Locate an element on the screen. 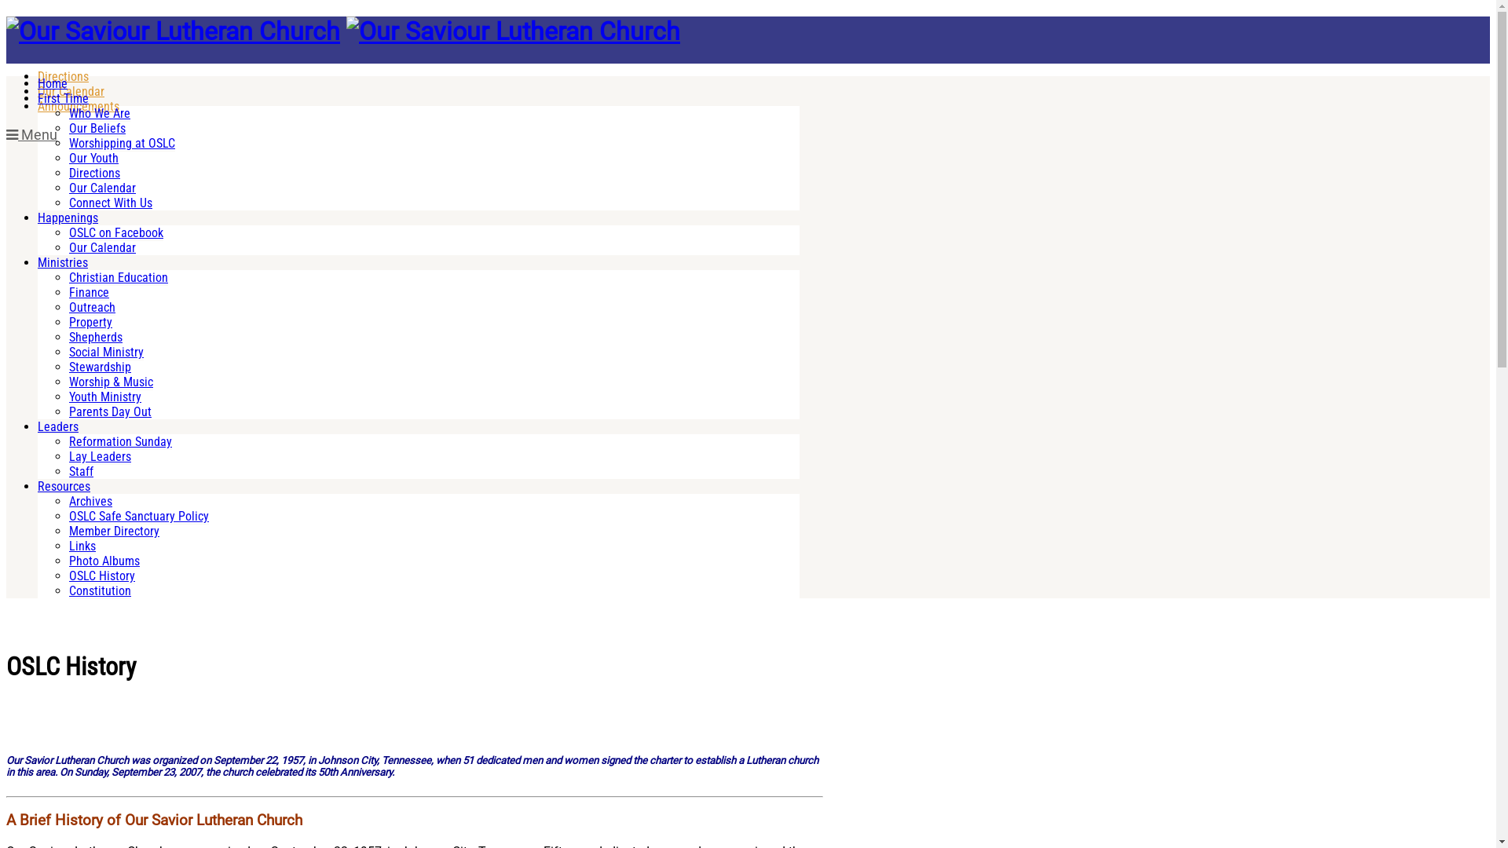 Image resolution: width=1508 pixels, height=848 pixels. 'Announcements' is located at coordinates (78, 106).